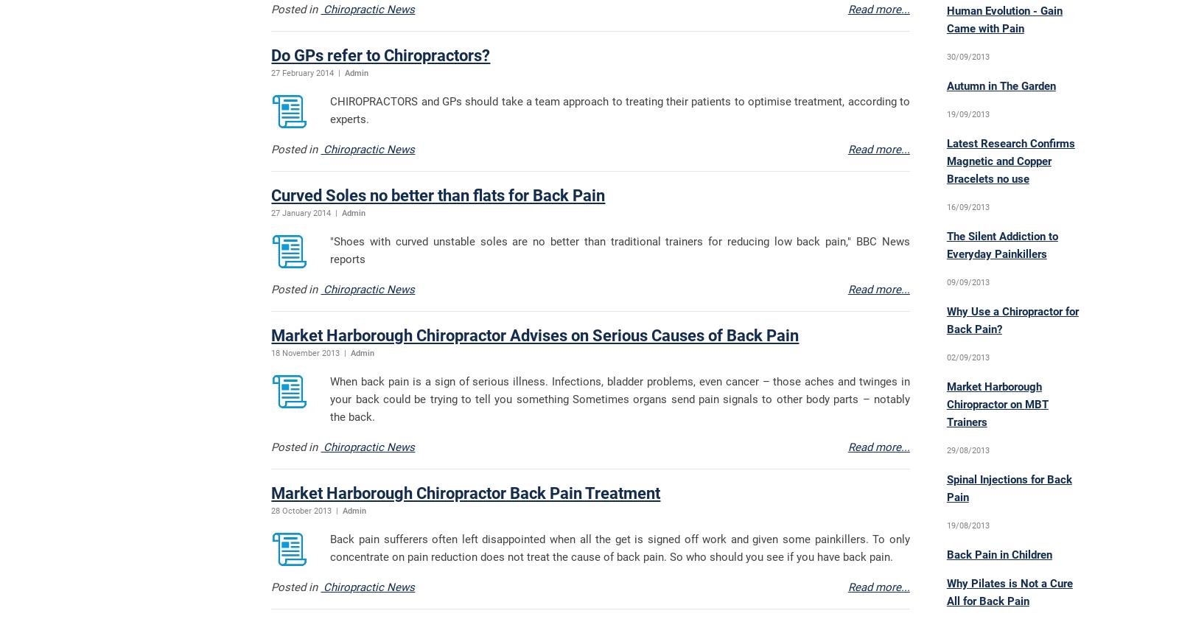  I want to click on 'Why Pilates is Not a Cure All for Back Pain', so click(1008, 592).